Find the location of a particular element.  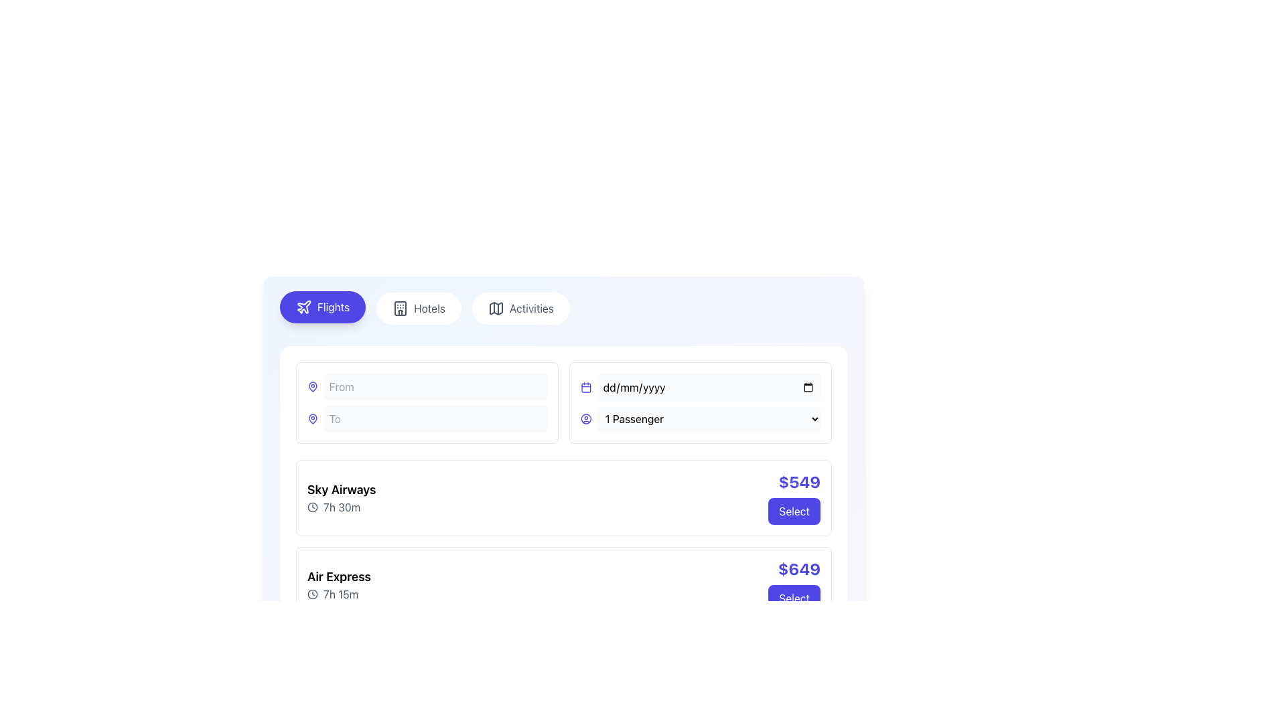

details of the circular vector graphics component that is part of the clock icon located to the left of the duration text '7h 30m' for the first flight option labeled 'Sky Airways' is located at coordinates (334, 498).